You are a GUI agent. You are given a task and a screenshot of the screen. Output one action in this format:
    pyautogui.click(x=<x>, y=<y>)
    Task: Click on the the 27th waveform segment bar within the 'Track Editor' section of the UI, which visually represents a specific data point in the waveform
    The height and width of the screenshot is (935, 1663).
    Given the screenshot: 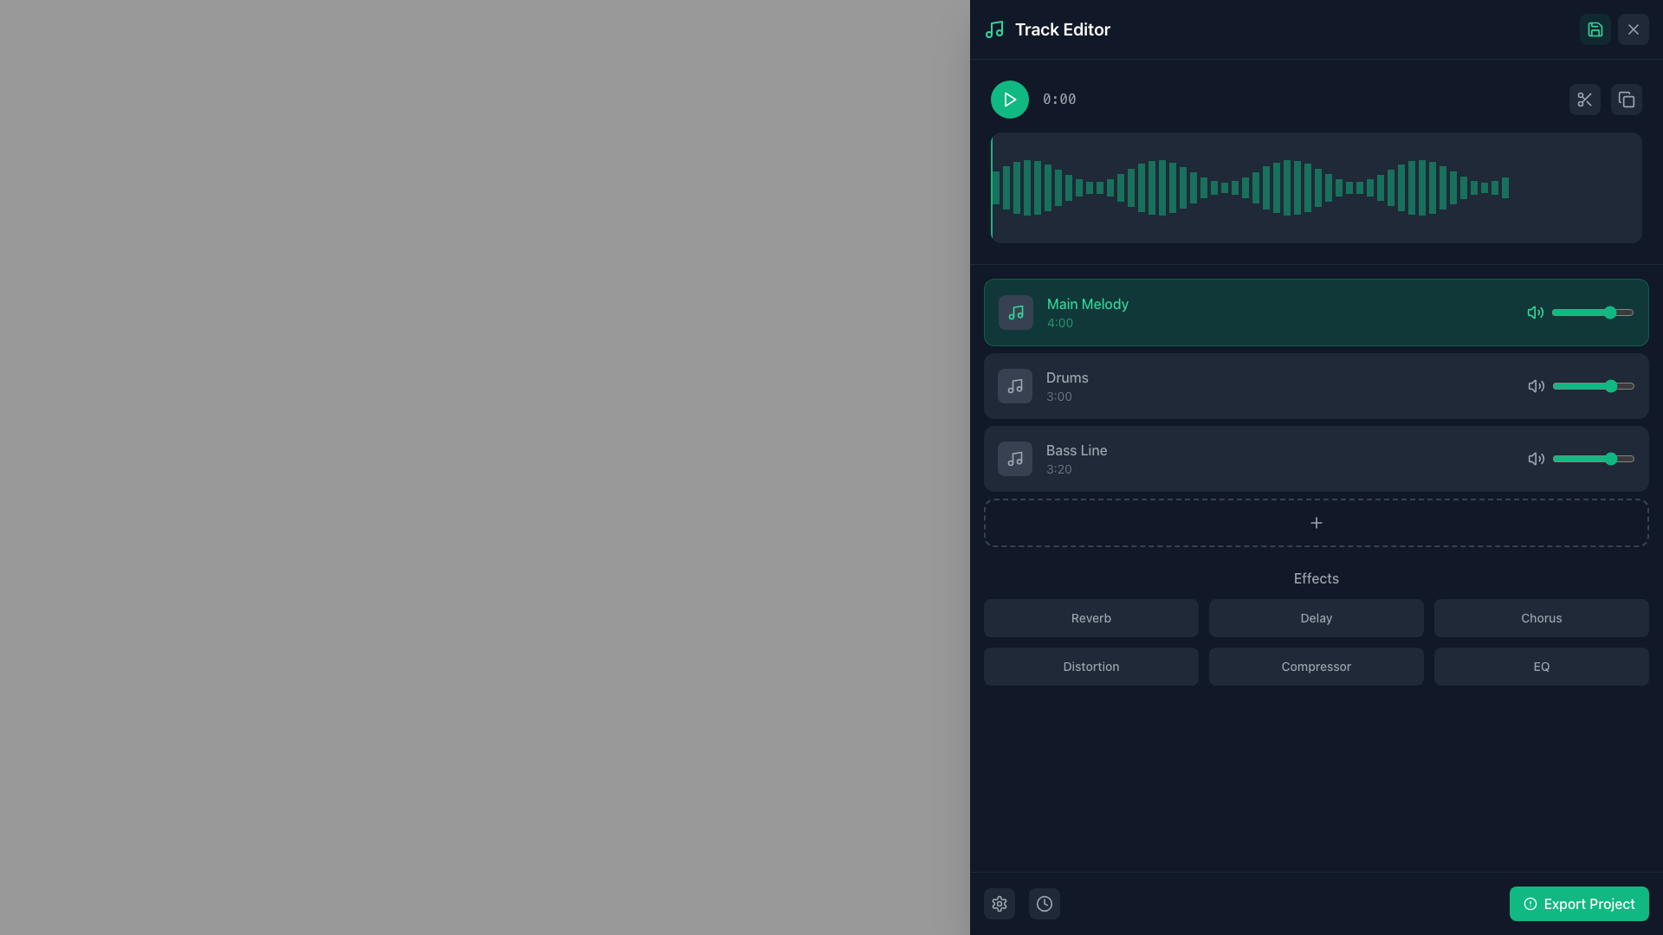 What is the action you would take?
    pyautogui.click(x=1245, y=187)
    